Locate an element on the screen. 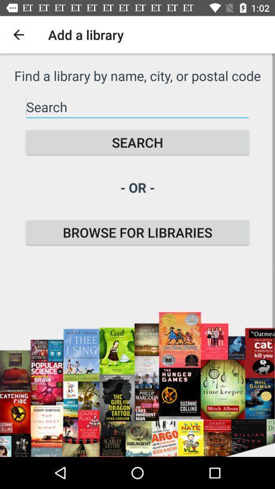  icon next to add a library icon is located at coordinates (18, 35).